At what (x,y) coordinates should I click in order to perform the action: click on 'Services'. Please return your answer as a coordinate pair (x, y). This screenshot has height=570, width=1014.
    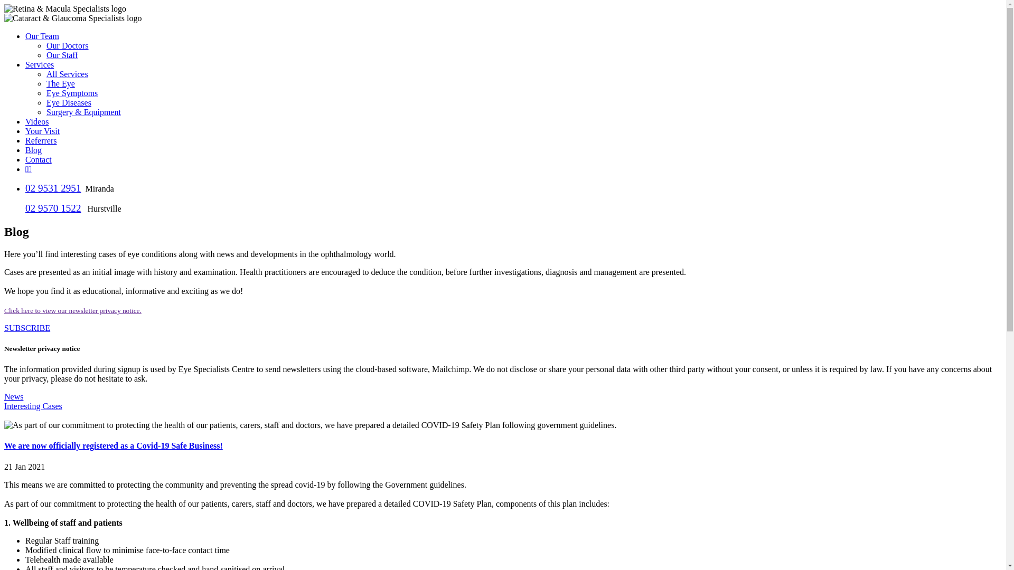
    Looking at the image, I should click on (40, 64).